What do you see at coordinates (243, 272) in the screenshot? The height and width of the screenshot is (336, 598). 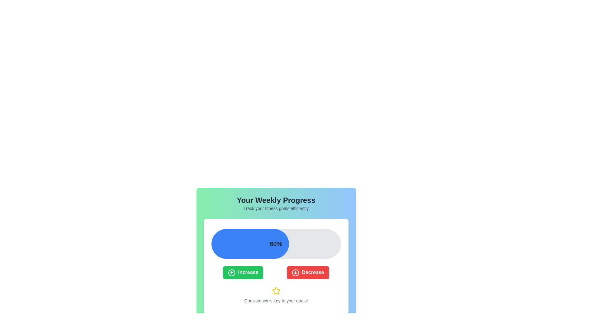 I see `the green 'Increase' button with rounded corners, which is the leftmost button below the progress bar, to observe its hover effect` at bounding box center [243, 272].